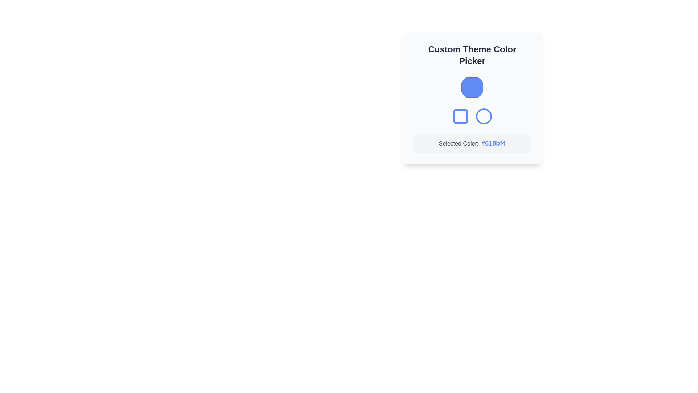 The height and width of the screenshot is (393, 698). I want to click on the text label displaying 'Selected Color:' to check for a tooltip, so click(458, 143).